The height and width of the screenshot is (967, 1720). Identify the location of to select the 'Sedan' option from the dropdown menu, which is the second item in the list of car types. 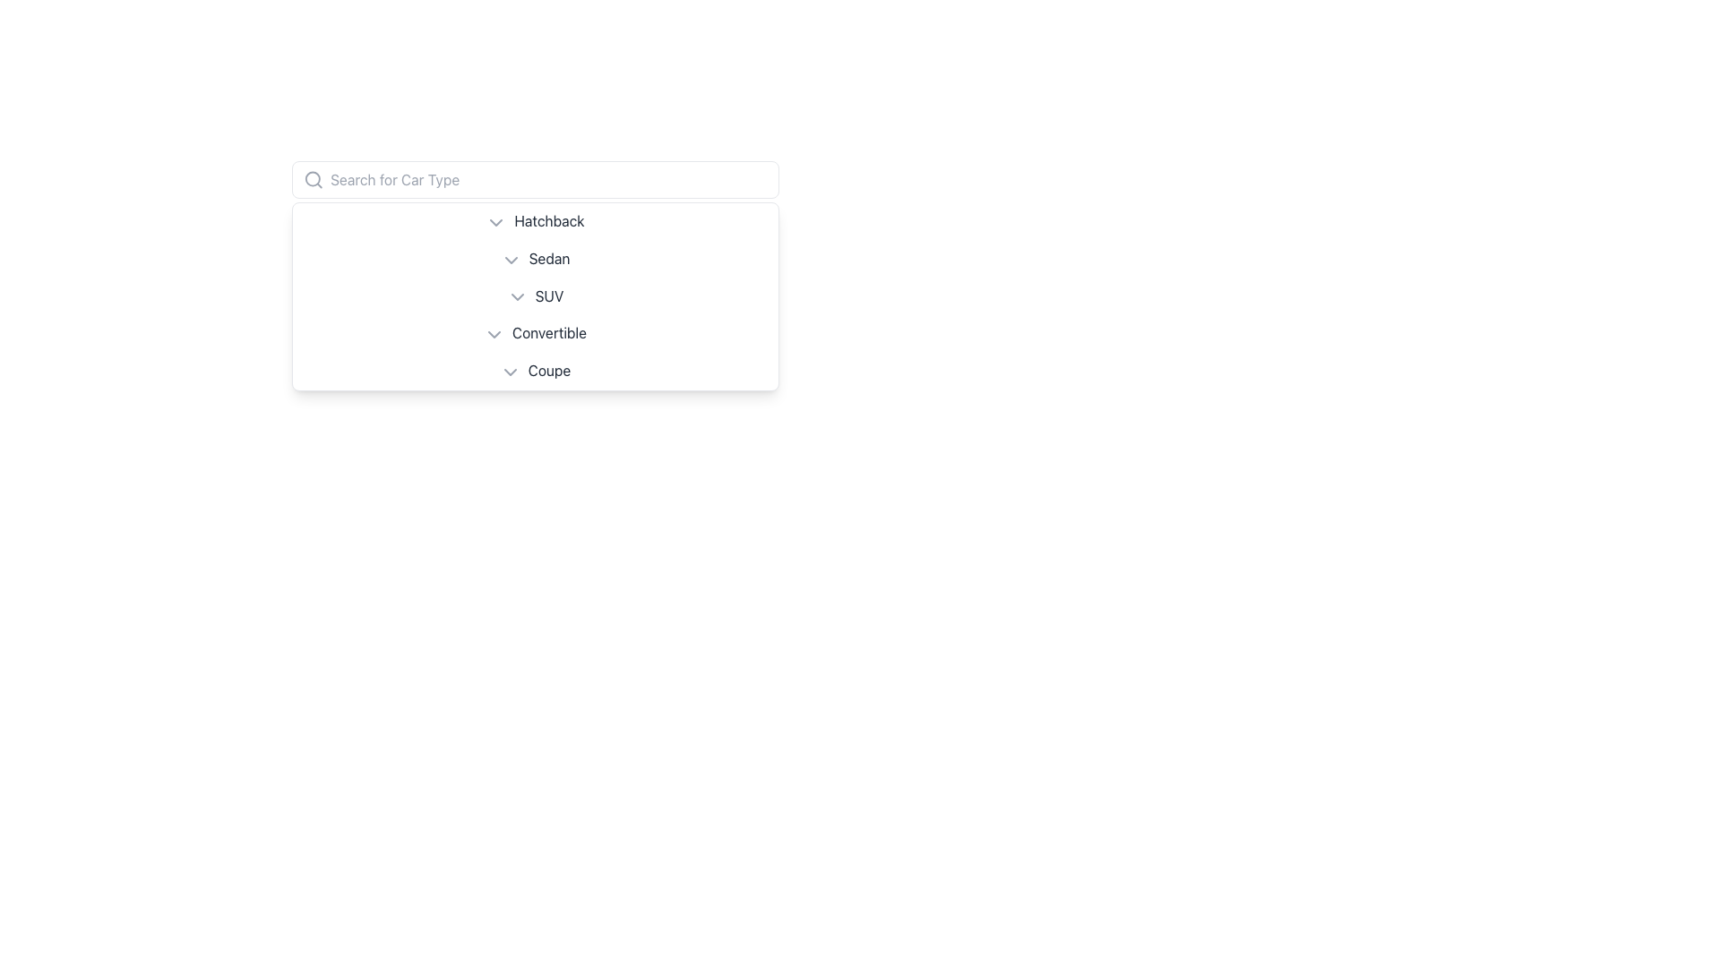
(534, 259).